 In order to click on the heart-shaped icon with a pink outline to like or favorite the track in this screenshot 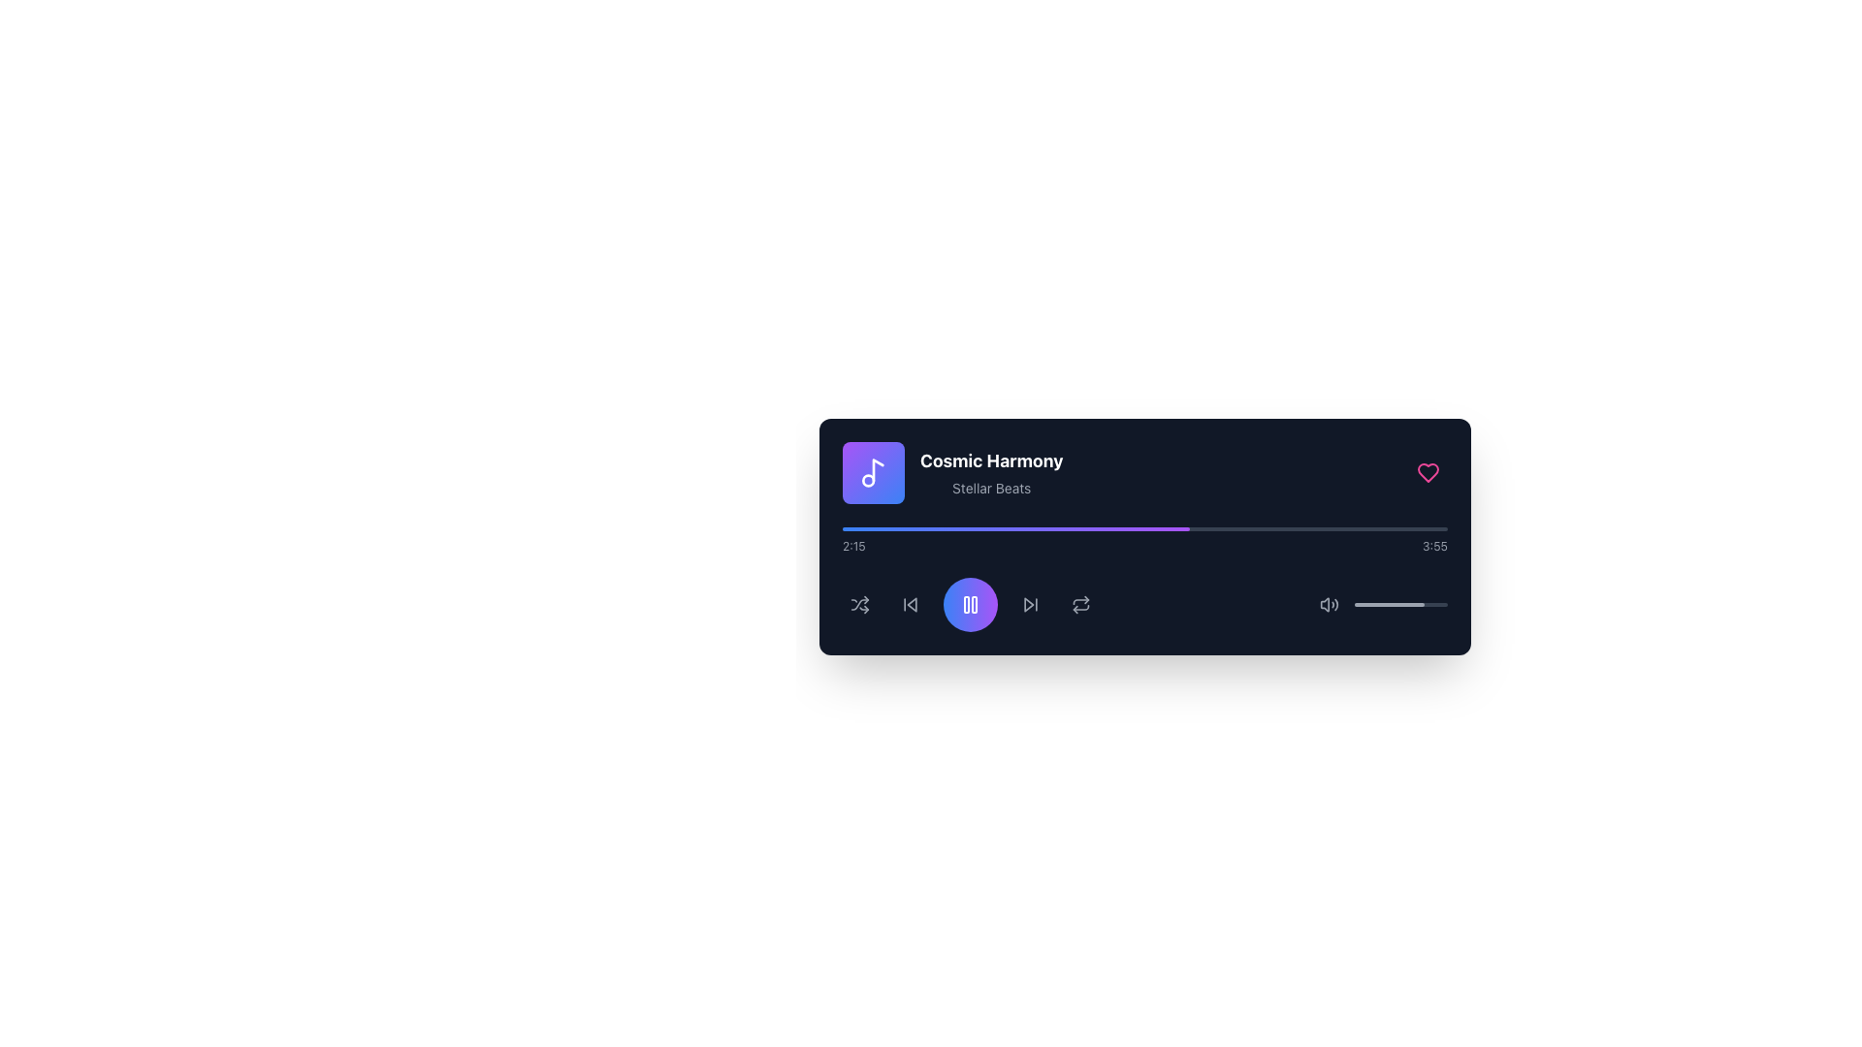, I will do `click(1429, 473)`.